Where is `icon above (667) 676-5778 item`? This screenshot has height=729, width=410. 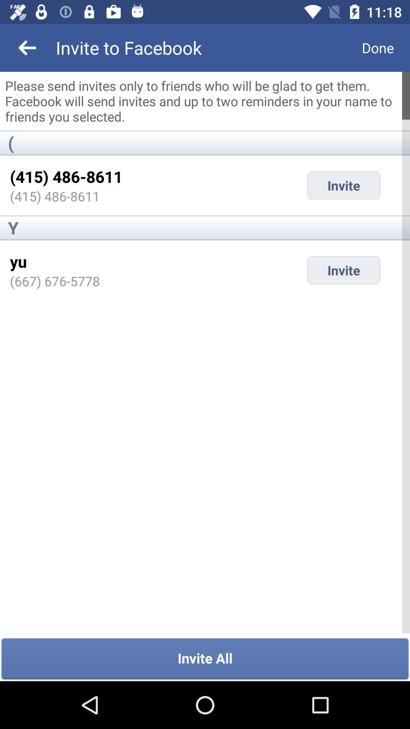 icon above (667) 676-5778 item is located at coordinates (18, 261).